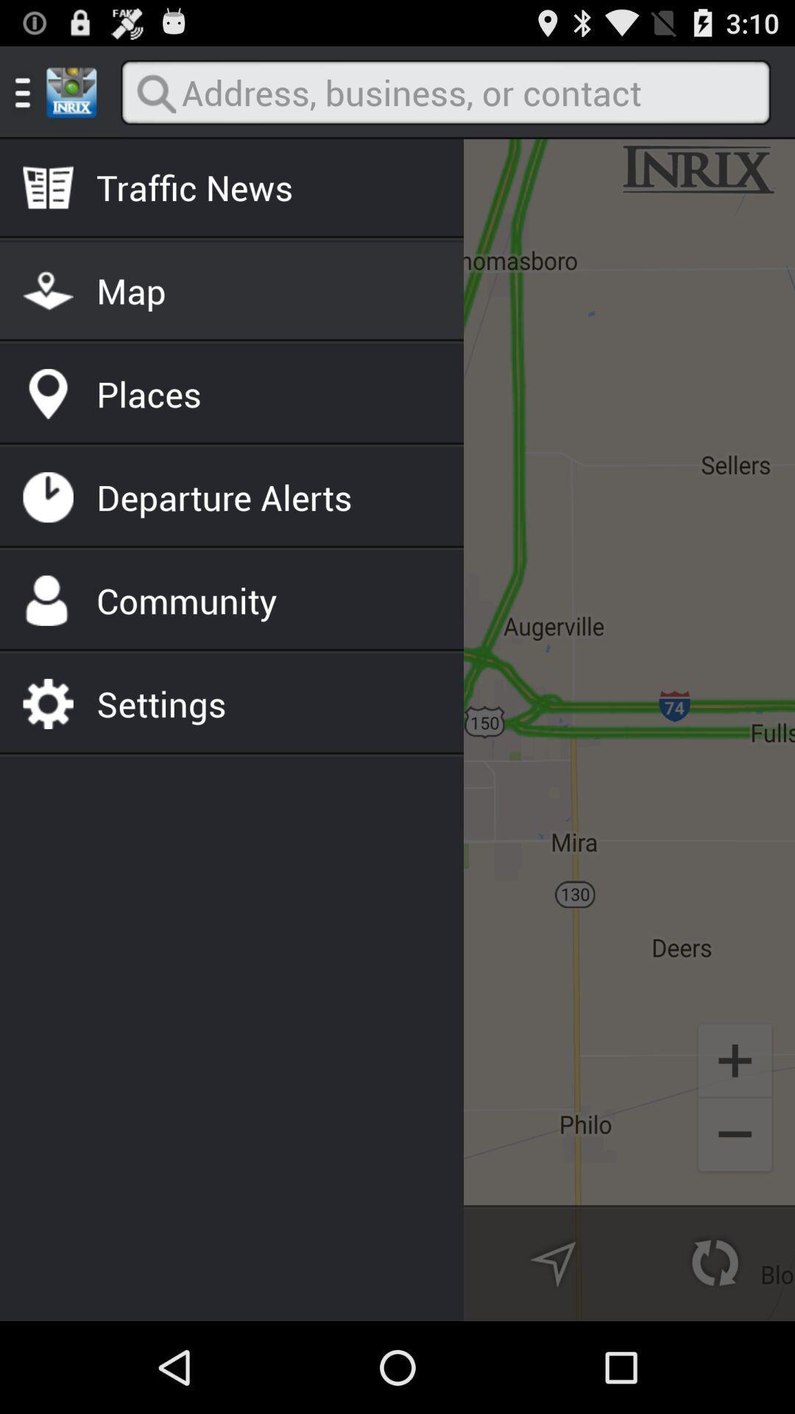  What do you see at coordinates (445, 91) in the screenshot?
I see `items into the search area` at bounding box center [445, 91].